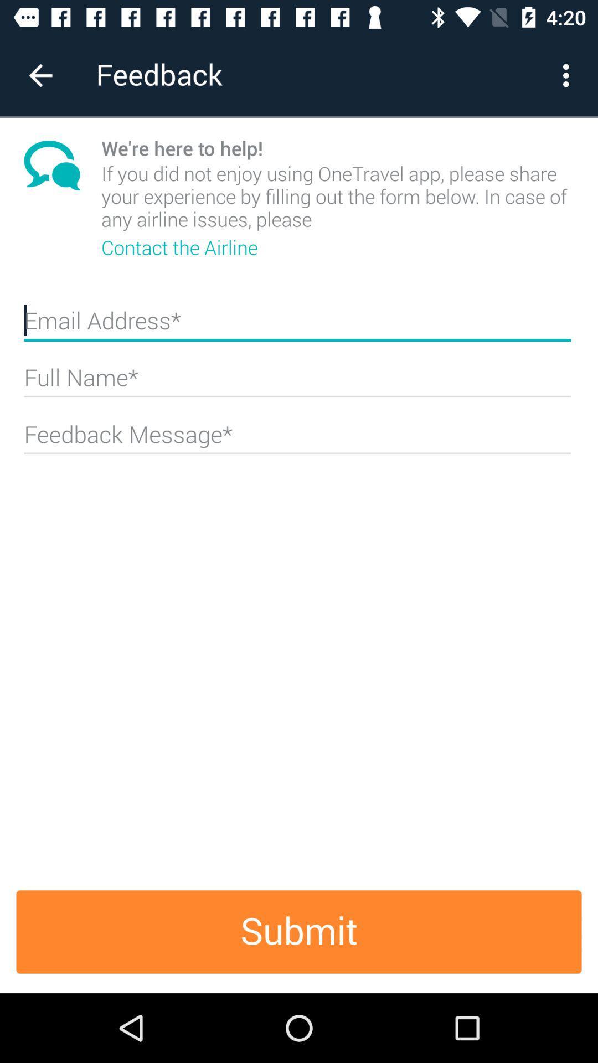  What do you see at coordinates (40, 75) in the screenshot?
I see `icon to the left of feedback icon` at bounding box center [40, 75].